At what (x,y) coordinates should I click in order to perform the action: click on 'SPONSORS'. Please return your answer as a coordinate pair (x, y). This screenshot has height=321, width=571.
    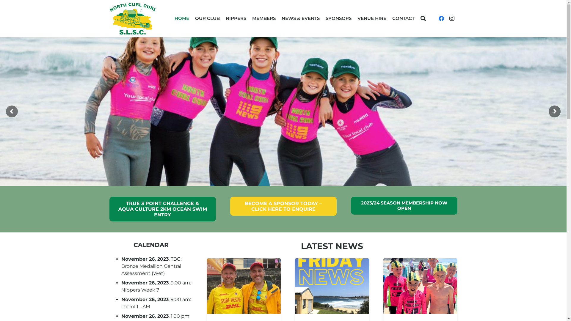
    Looking at the image, I should click on (322, 18).